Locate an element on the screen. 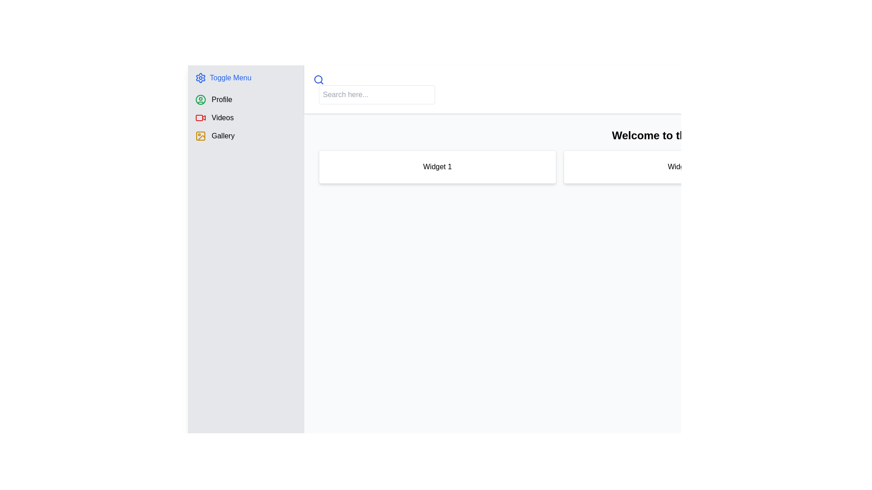 The width and height of the screenshot is (872, 490). the magnifying glass icon located at the left side of the search bar to initiate a search is located at coordinates (318, 79).